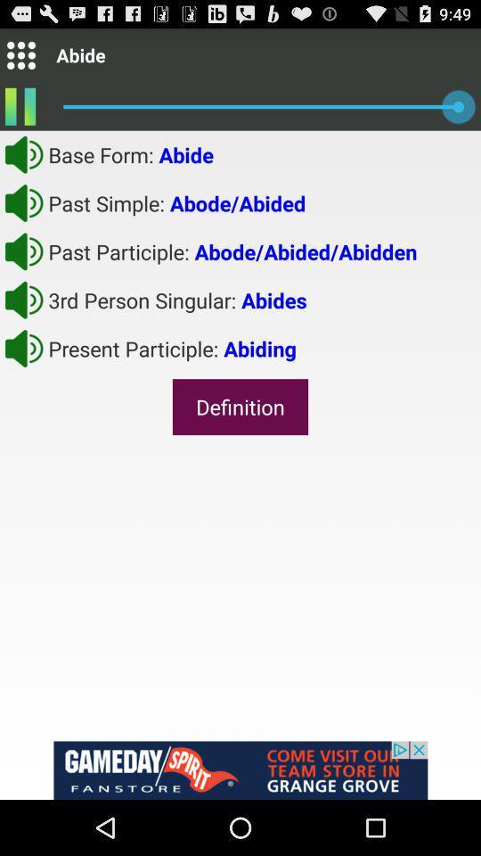 This screenshot has width=481, height=856. What do you see at coordinates (23, 300) in the screenshot?
I see `sound option` at bounding box center [23, 300].